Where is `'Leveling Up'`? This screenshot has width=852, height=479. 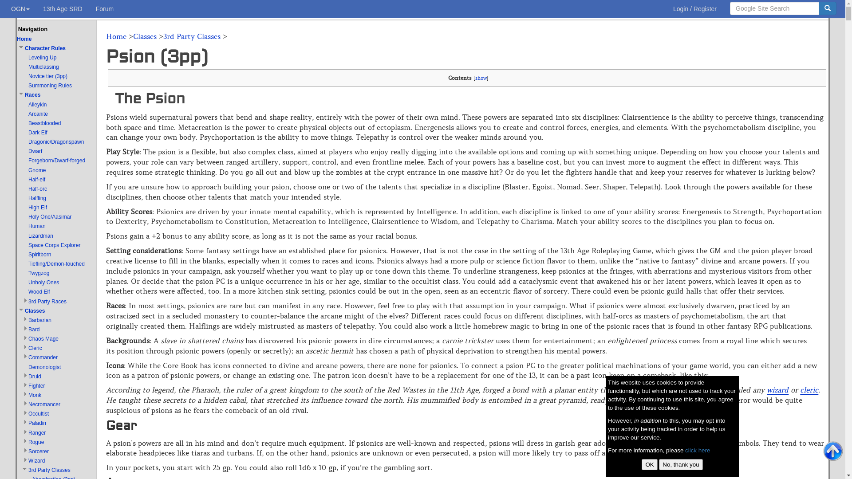 'Leveling Up' is located at coordinates (42, 58).